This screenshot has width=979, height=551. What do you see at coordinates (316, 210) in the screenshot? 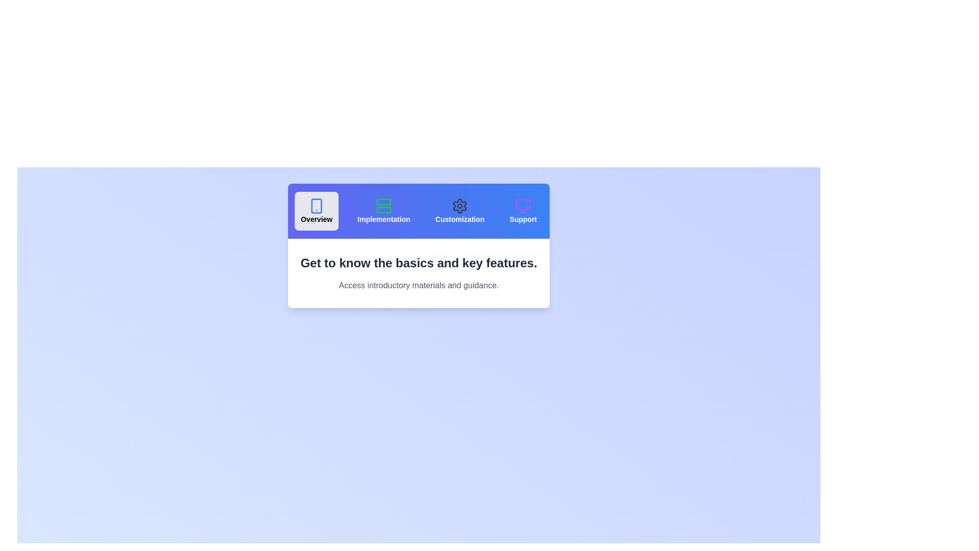
I see `the tab labeled Overview to view its details` at bounding box center [316, 210].